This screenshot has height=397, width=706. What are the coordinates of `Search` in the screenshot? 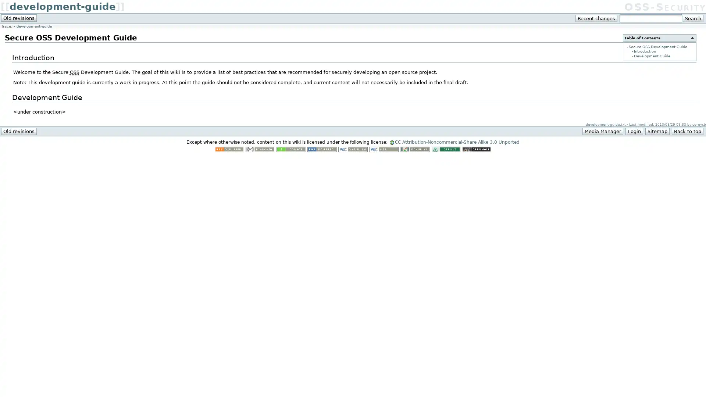 It's located at (692, 18).